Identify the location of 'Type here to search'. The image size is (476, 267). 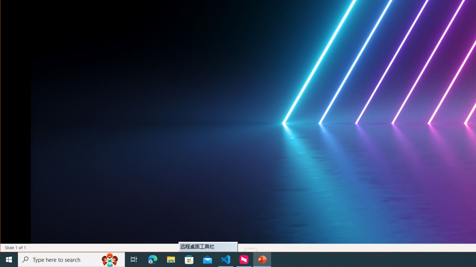
(71, 259).